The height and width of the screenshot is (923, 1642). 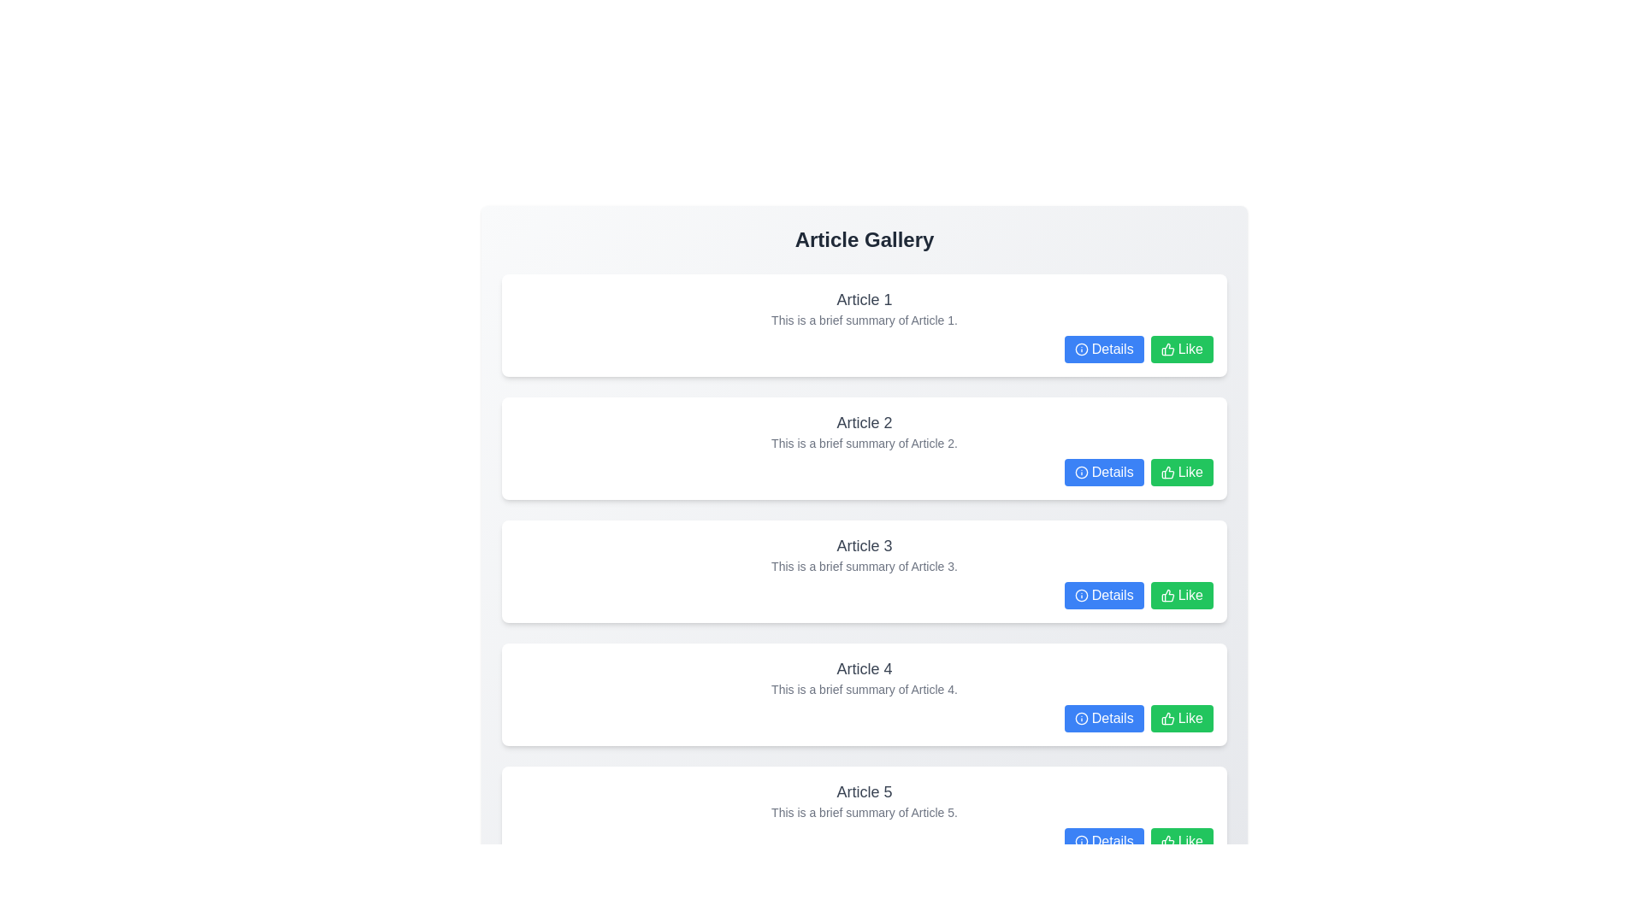 What do you see at coordinates (865, 791) in the screenshot?
I see `the static text label styled as a heading or title located in the fifth section from the top of the article list` at bounding box center [865, 791].